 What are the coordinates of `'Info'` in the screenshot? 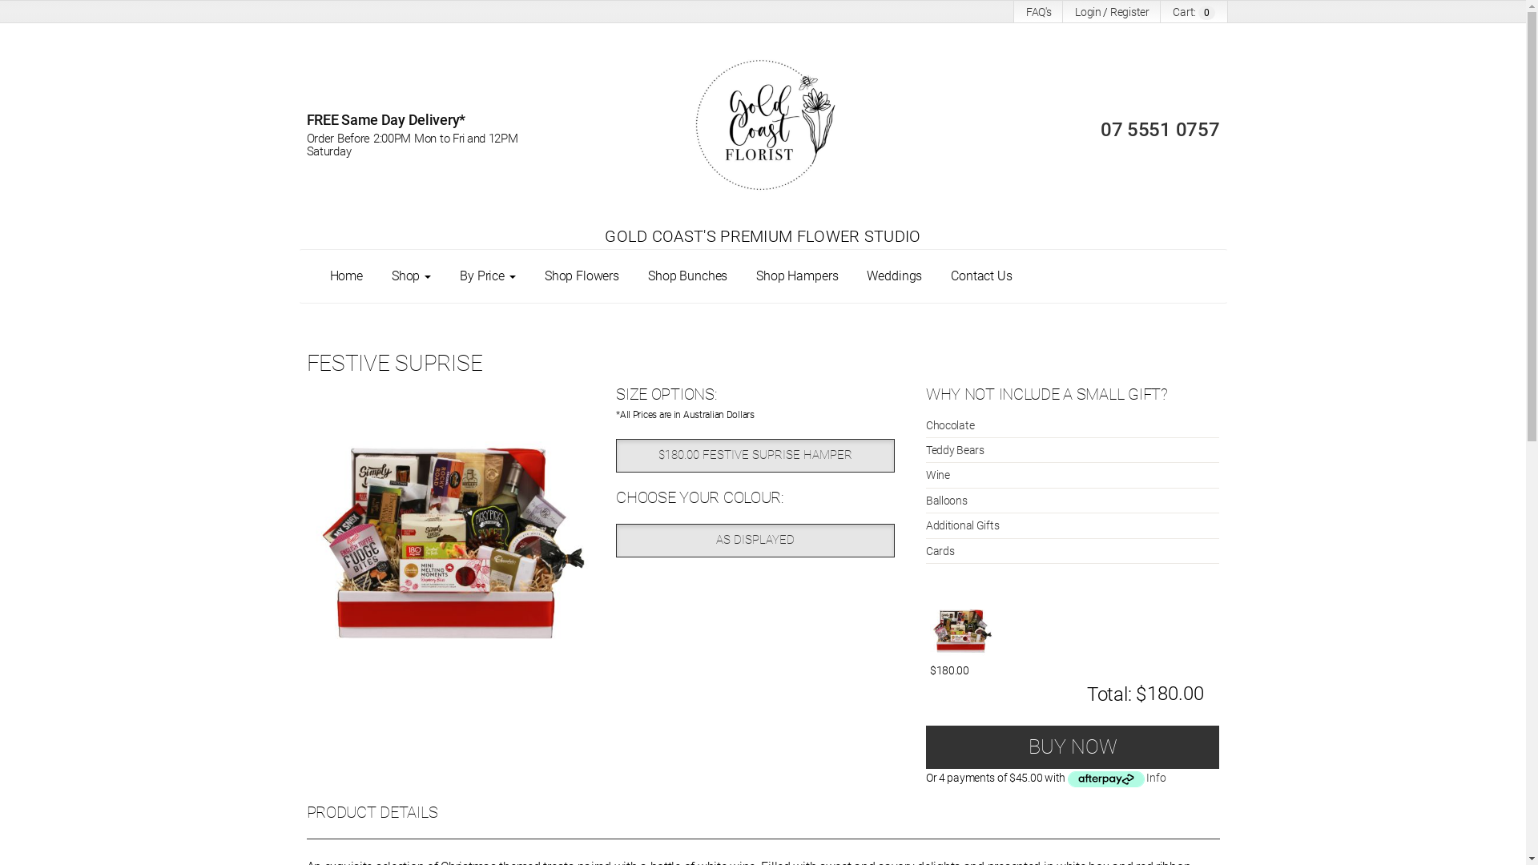 It's located at (1145, 777).